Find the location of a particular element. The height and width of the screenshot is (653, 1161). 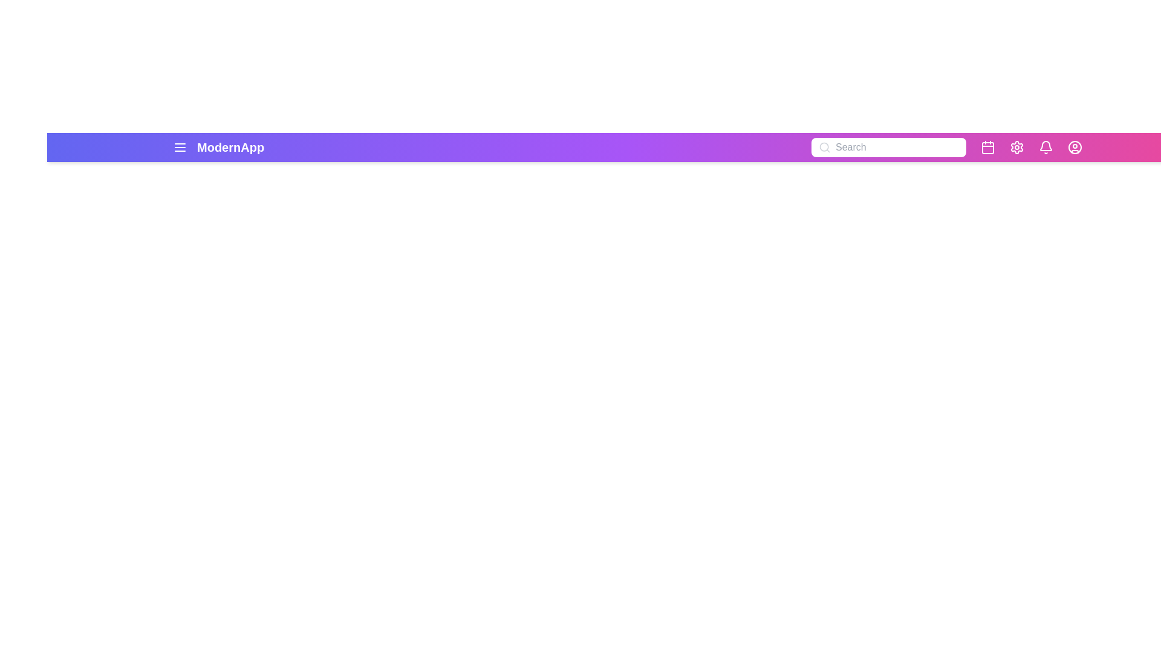

the SVG Circle element, which is a circular shape with a diameter of 20px, located within a user profile icon at the far right of the navigation bar is located at coordinates (1075, 146).